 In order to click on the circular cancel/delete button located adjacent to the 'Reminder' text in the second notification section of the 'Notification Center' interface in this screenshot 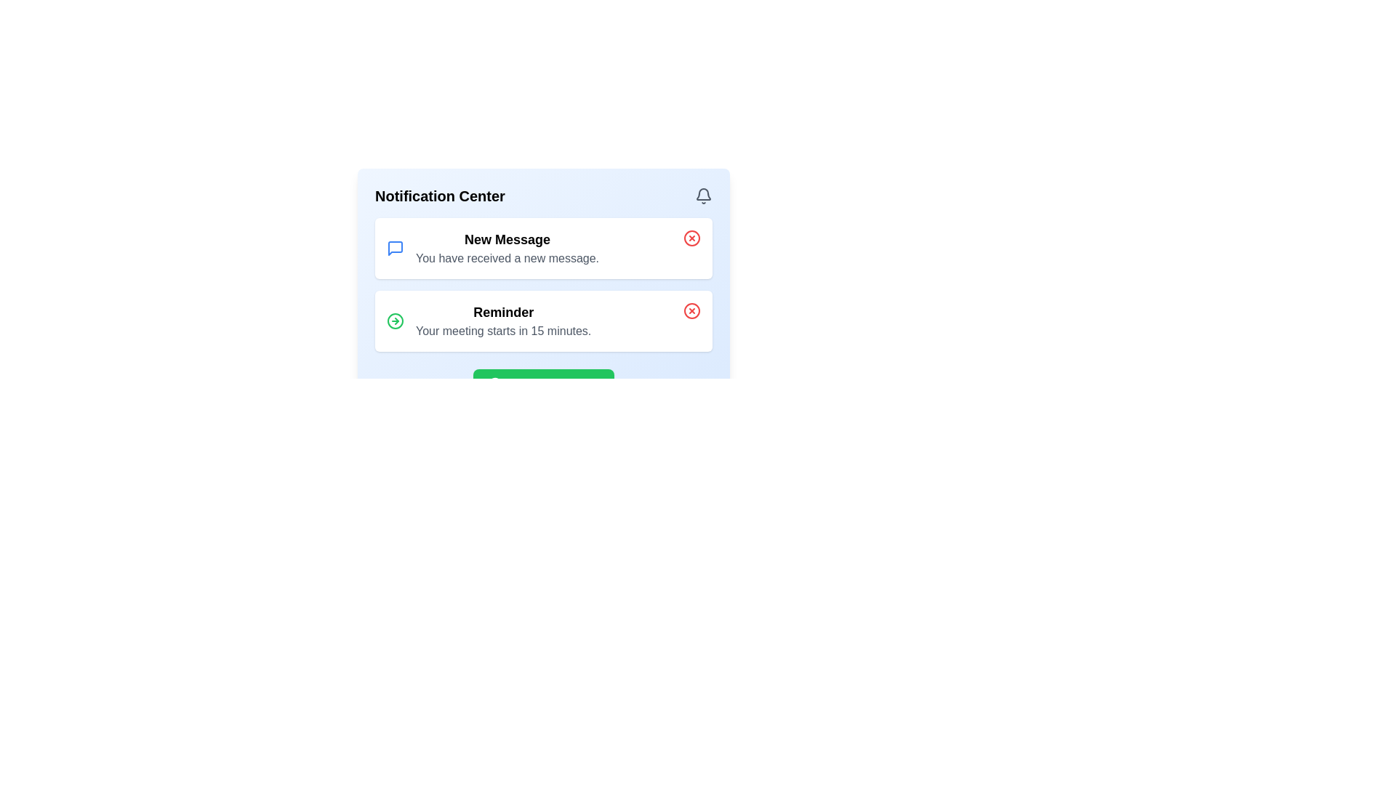, I will do `click(691, 310)`.